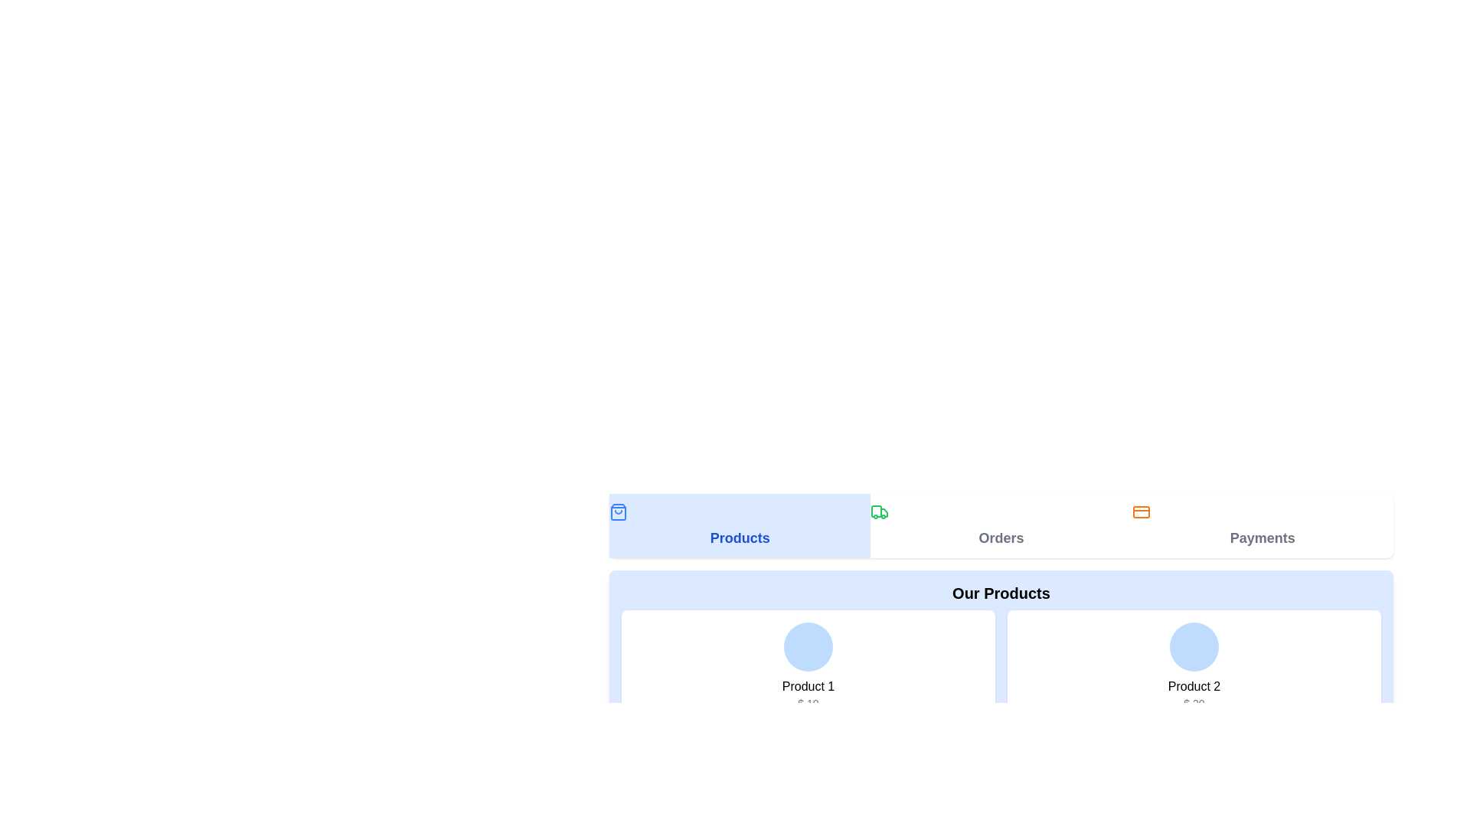  Describe the element at coordinates (880, 512) in the screenshot. I see `the green truck icon located in the 'Orders' section, which symbolizes the ordering feature of the application` at that location.